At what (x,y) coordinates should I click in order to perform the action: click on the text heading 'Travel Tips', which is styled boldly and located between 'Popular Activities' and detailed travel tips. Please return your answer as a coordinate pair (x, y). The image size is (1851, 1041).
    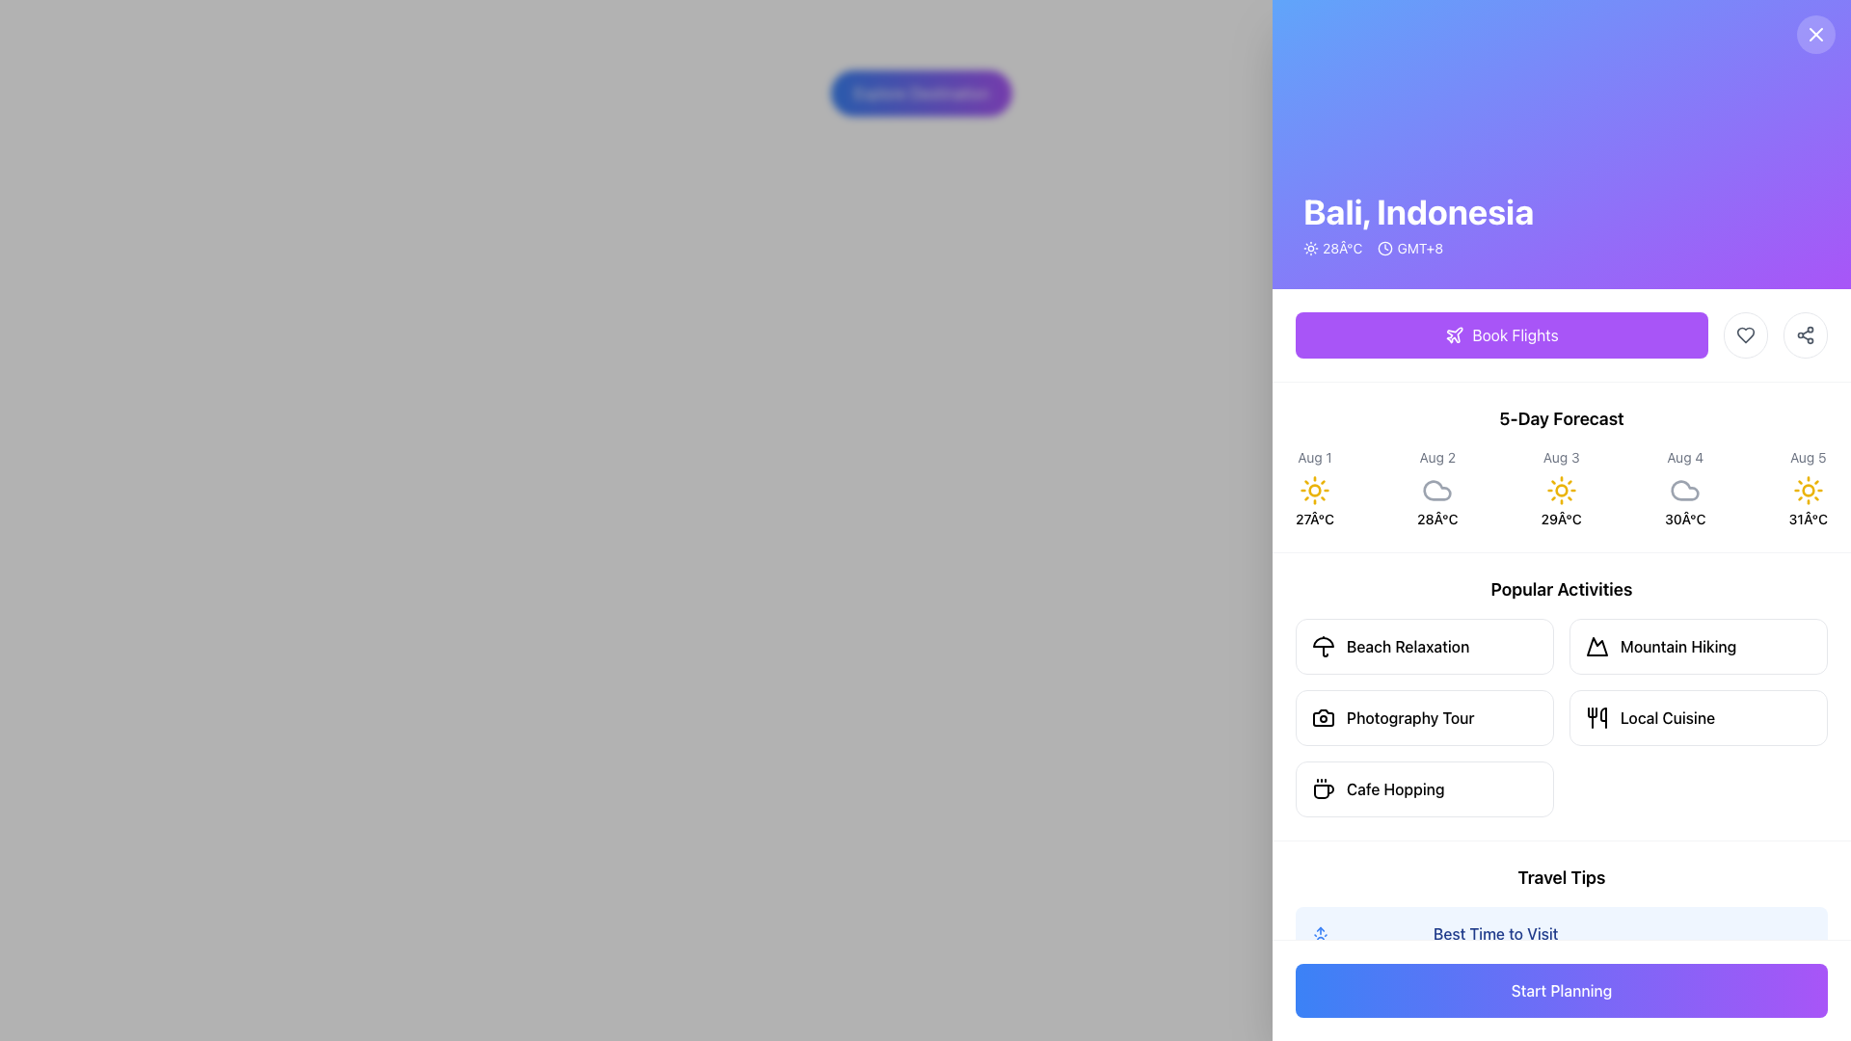
    Looking at the image, I should click on (1562, 877).